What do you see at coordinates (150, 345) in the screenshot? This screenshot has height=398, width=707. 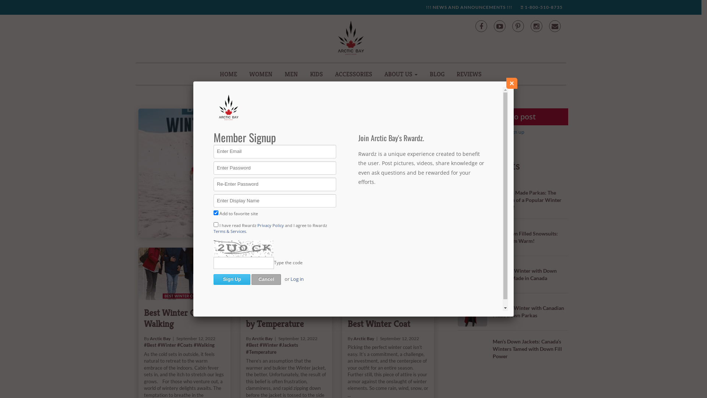 I see `'#Best'` at bounding box center [150, 345].